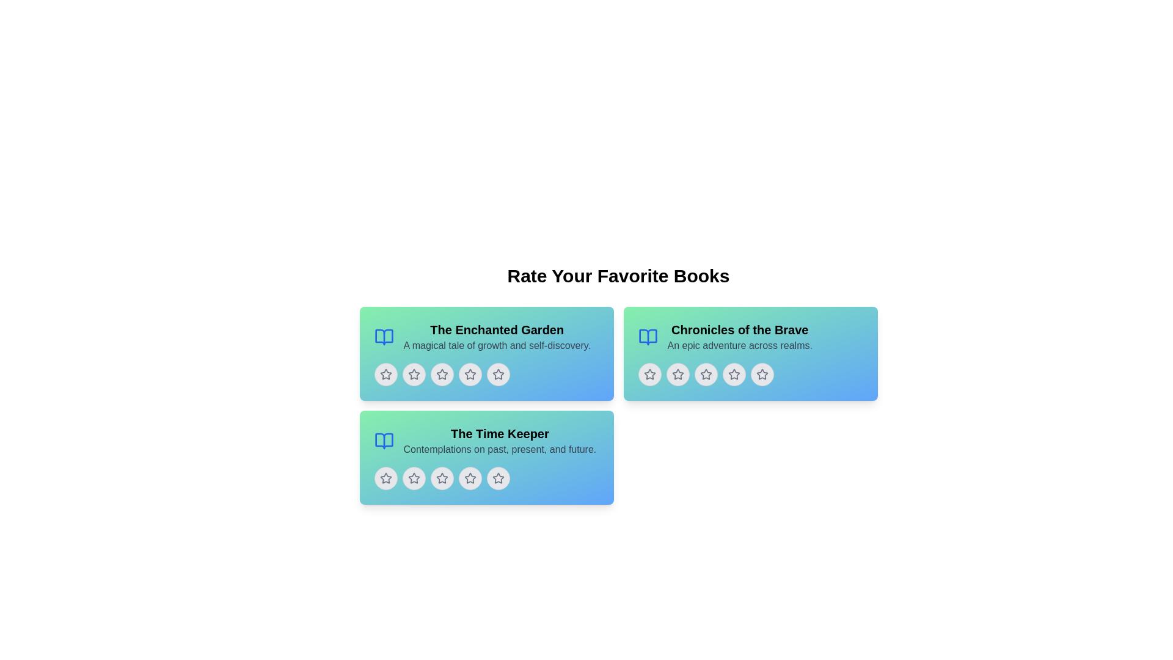 This screenshot has width=1173, height=660. I want to click on the fourth star rating icon for the book 'The Time Keeper' to trigger the visual effect, so click(469, 477).